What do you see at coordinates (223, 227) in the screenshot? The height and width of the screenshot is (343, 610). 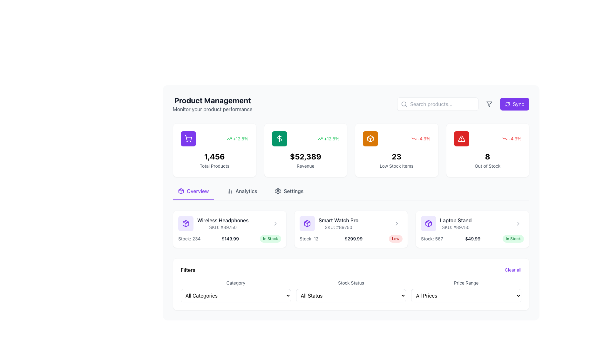 I see `the SKU information displayed in the text label located under the 'Wireless Headphones' text within the first product card` at bounding box center [223, 227].